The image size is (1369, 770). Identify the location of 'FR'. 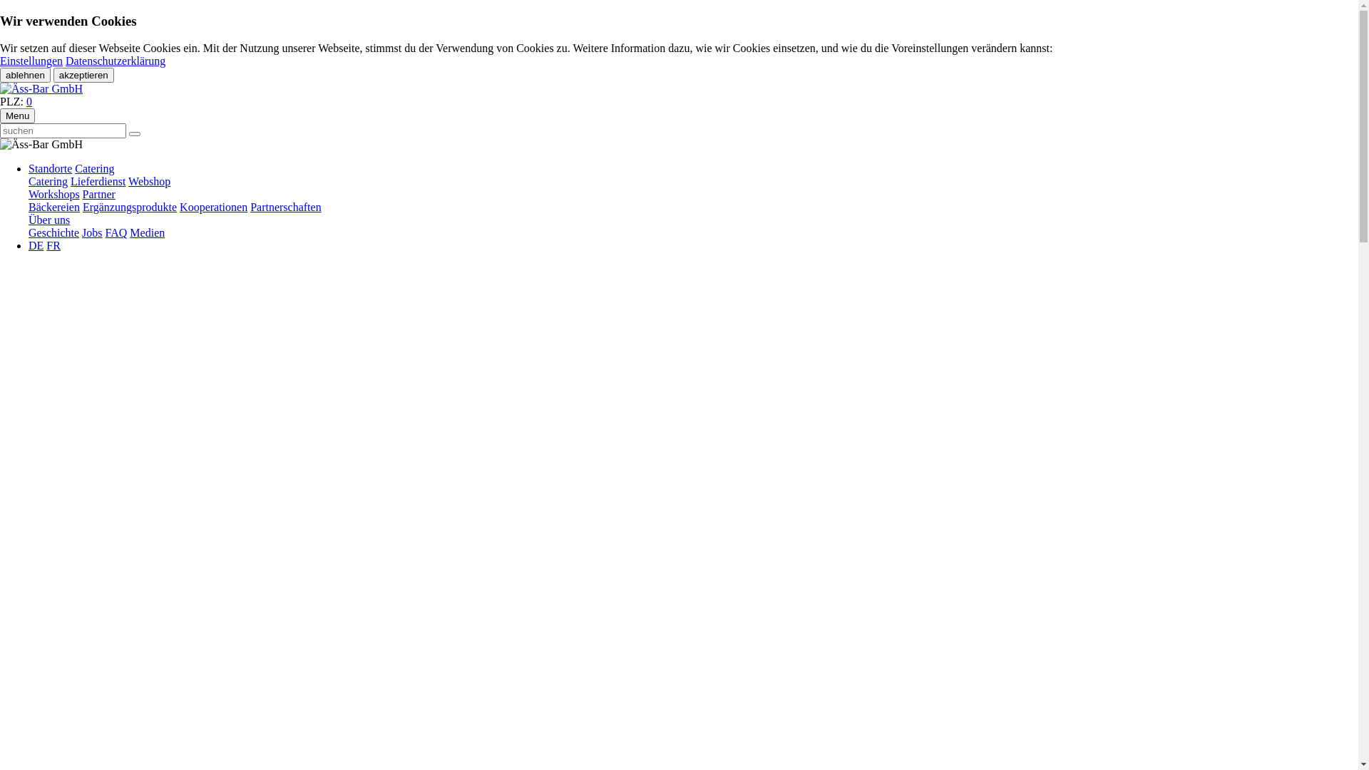
(53, 245).